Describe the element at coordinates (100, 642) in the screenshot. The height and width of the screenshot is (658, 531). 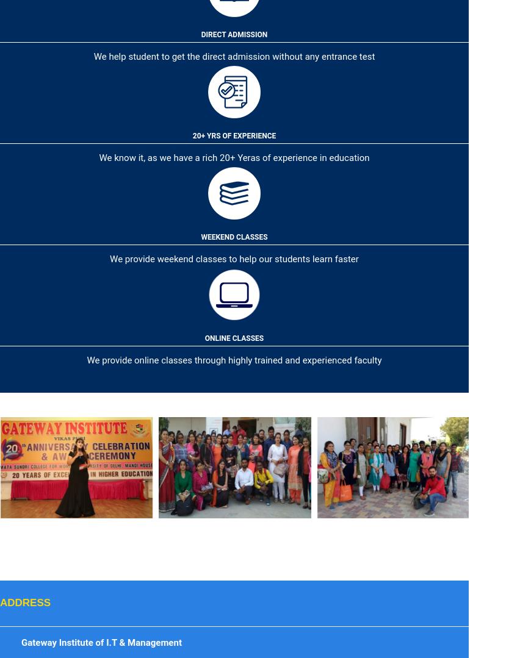
I see `'Gateway Institute of I.T & Management'` at that location.